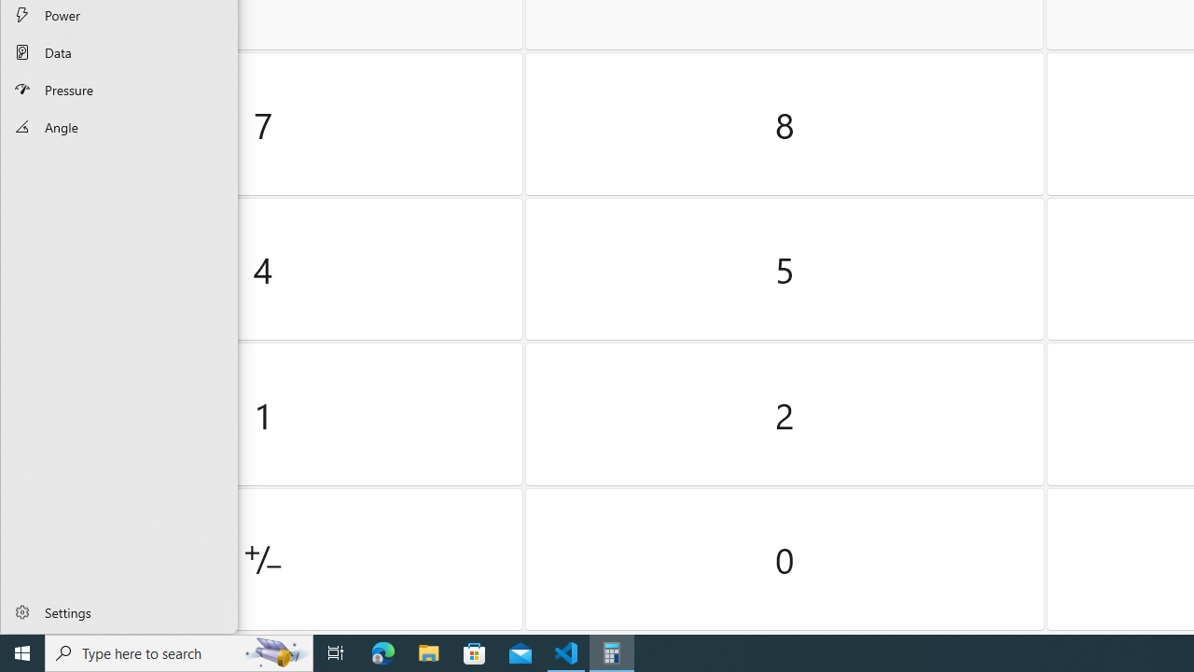 The width and height of the screenshot is (1194, 672). What do you see at coordinates (612, 651) in the screenshot?
I see `'Calculator - 1 running window'` at bounding box center [612, 651].